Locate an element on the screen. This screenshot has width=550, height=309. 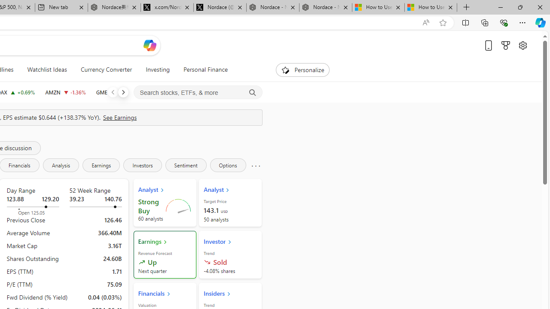
'Options' is located at coordinates (228, 165).